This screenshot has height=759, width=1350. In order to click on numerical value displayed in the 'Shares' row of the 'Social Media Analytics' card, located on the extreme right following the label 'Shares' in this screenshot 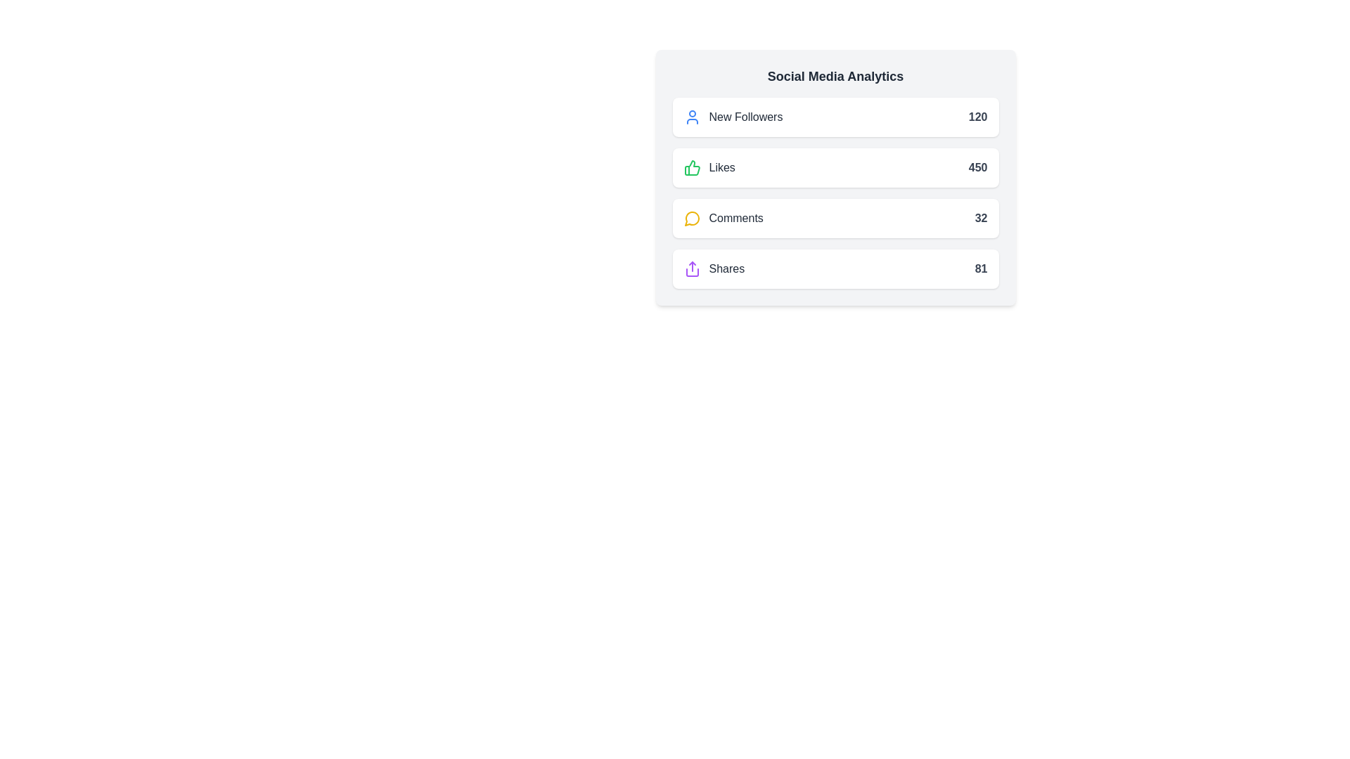, I will do `click(980, 268)`.